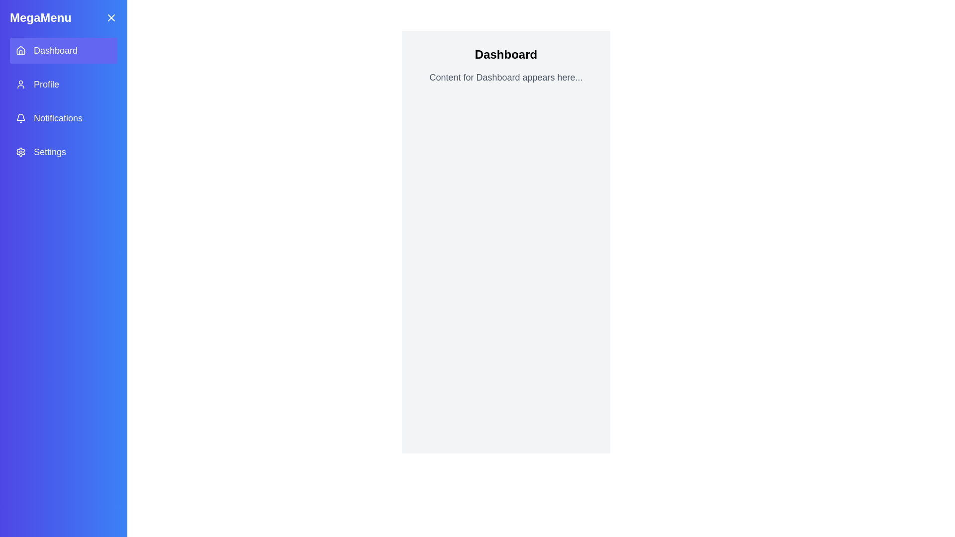 The width and height of the screenshot is (955, 537). Describe the element at coordinates (21, 50) in the screenshot. I see `the house-shaped icon located in the 'Dashboard' menu item of the side menu, which is to the left of the 'Dashboard' text label` at that location.